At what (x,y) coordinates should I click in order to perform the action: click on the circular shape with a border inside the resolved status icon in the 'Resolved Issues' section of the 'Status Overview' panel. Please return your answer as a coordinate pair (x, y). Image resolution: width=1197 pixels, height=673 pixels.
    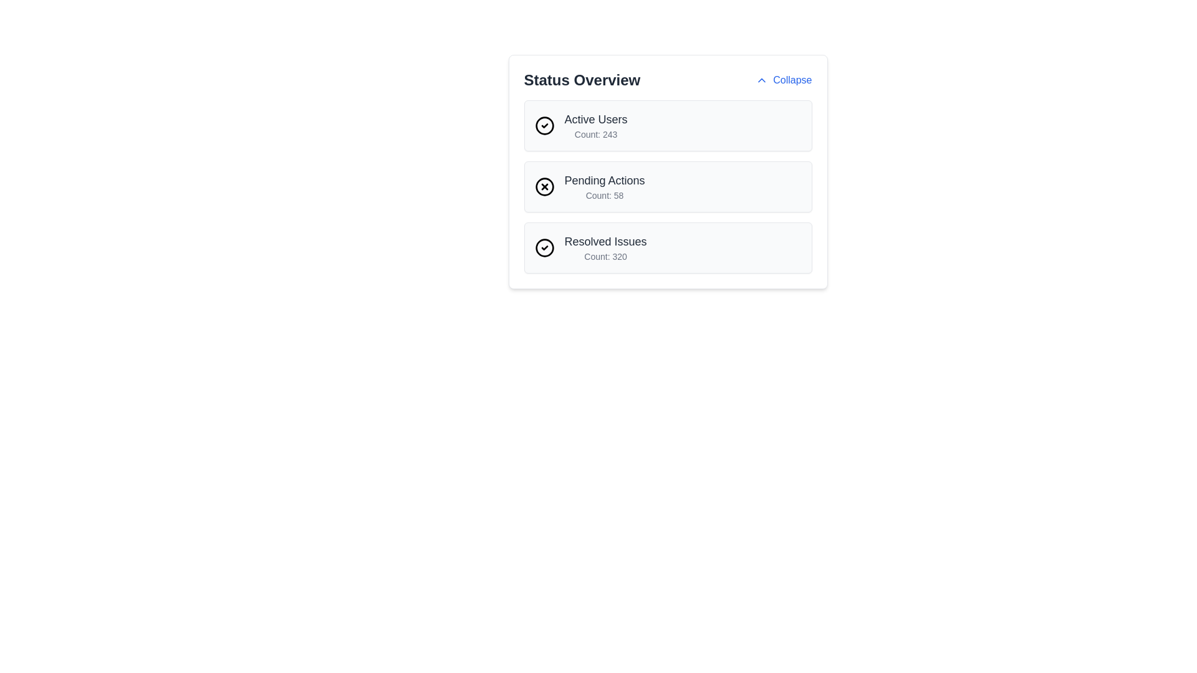
    Looking at the image, I should click on (544, 247).